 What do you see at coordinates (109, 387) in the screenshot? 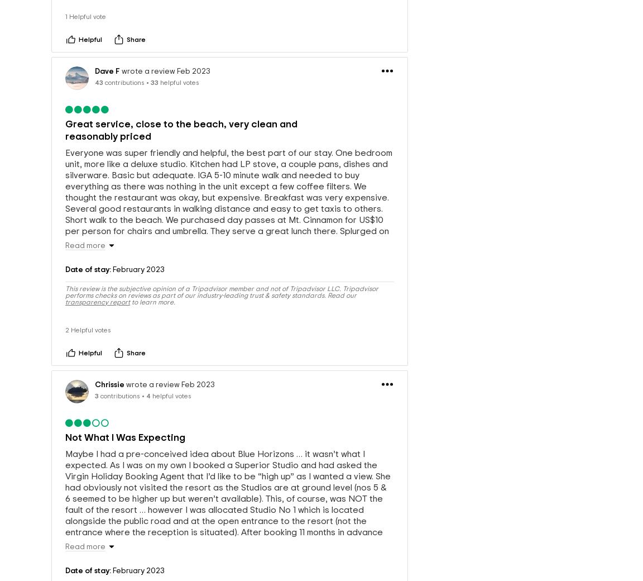
I see `'Chrissie'` at bounding box center [109, 387].